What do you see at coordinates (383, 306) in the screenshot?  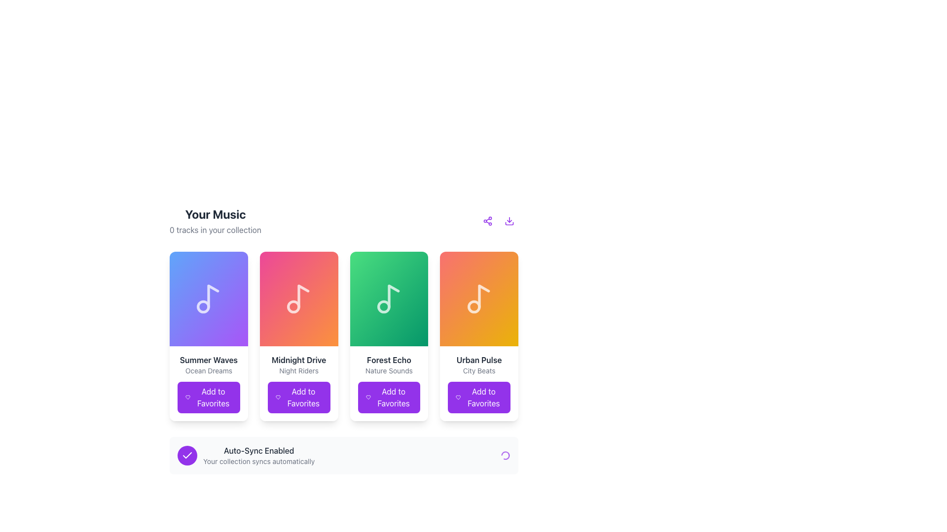 I see `the circular decorative element within the music note icon on the 'Forest Echo' card` at bounding box center [383, 306].